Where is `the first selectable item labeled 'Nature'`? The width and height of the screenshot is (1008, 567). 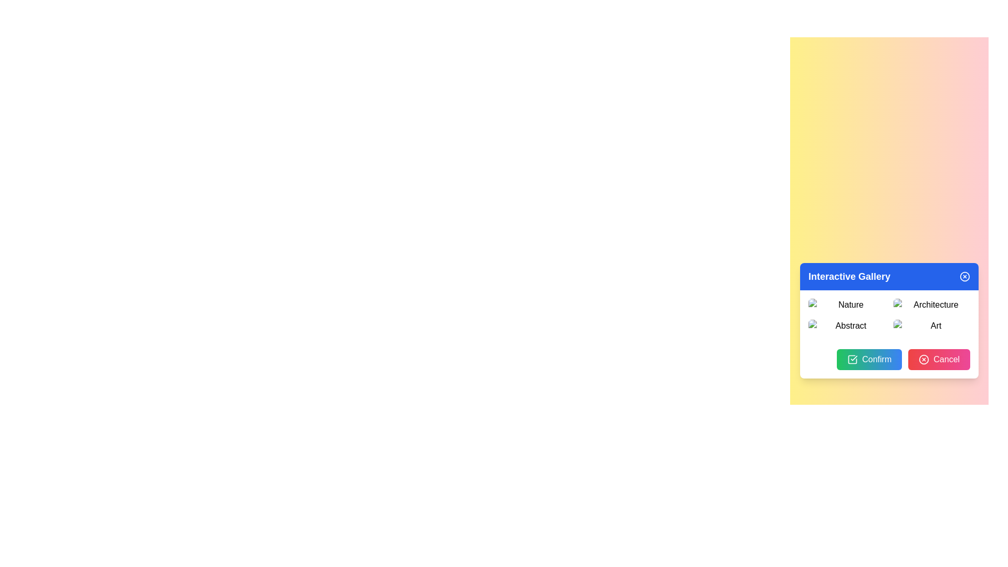
the first selectable item labeled 'Nature' is located at coordinates (846, 305).